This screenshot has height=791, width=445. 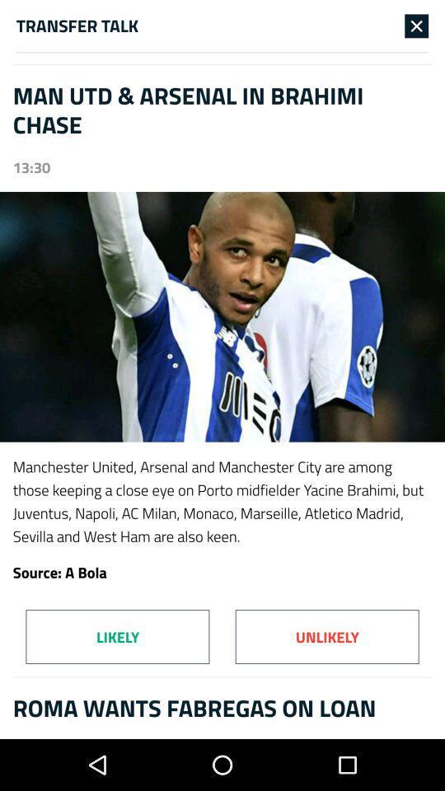 What do you see at coordinates (327, 636) in the screenshot?
I see `the item to the right of the likely item` at bounding box center [327, 636].